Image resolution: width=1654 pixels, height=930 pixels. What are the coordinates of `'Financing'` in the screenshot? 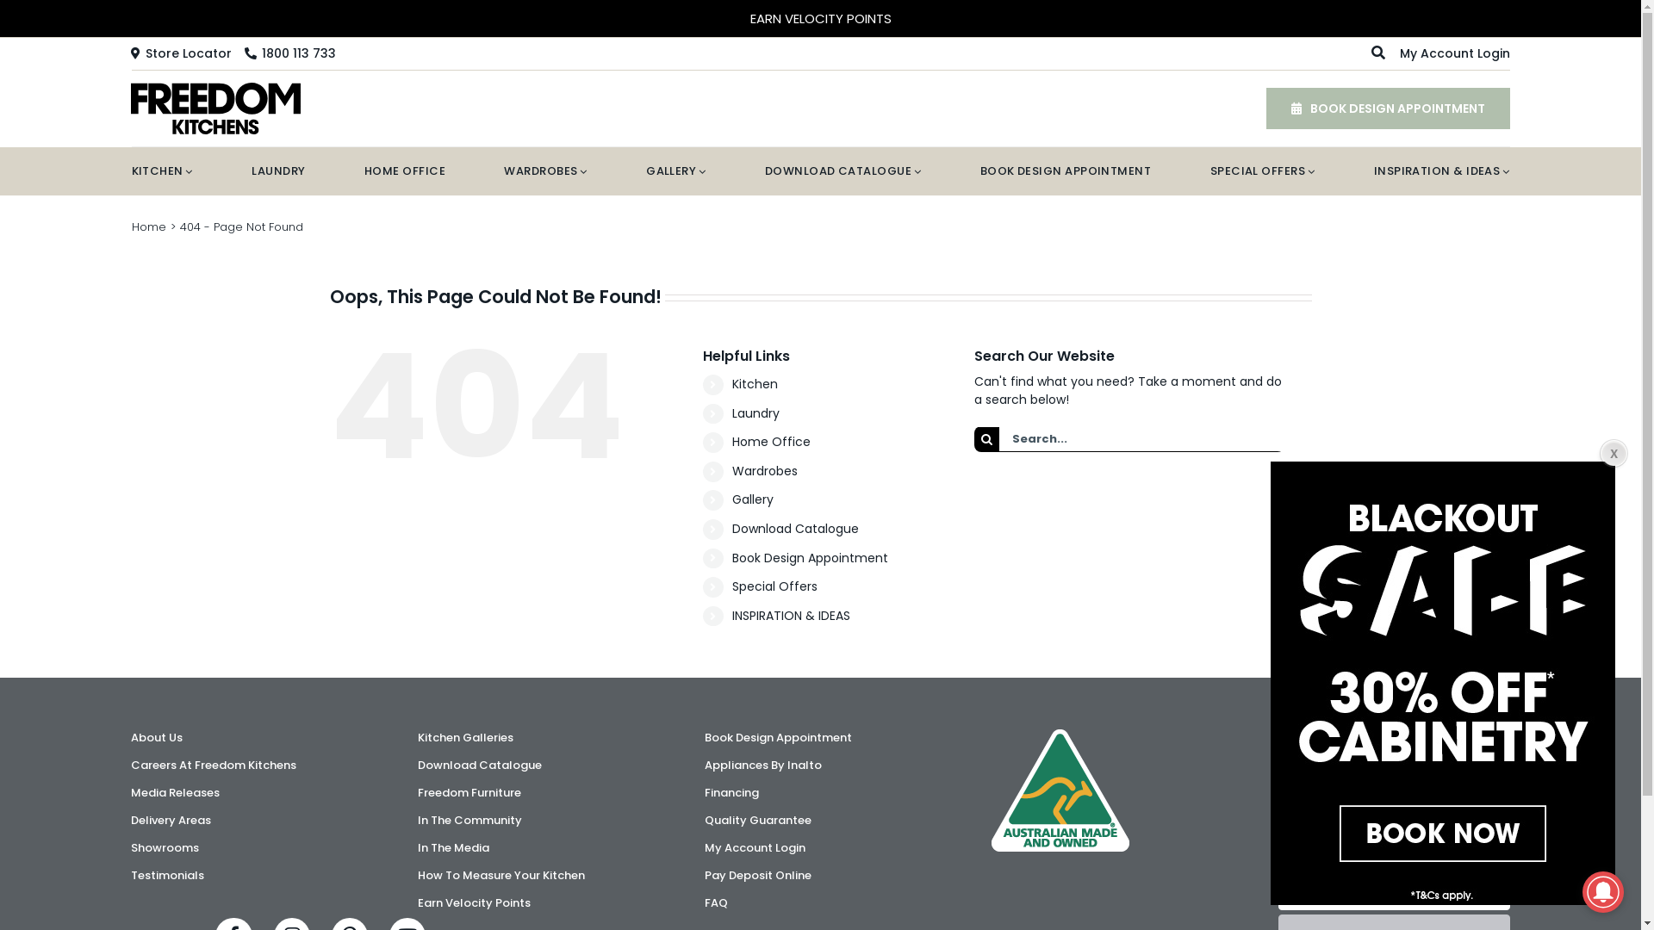 It's located at (704, 793).